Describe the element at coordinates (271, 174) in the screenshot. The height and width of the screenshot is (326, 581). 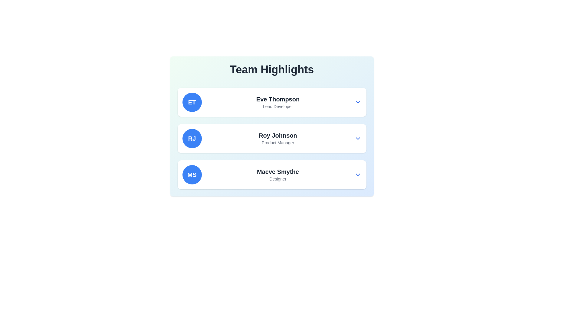
I see `the third entry in the 'Team Highlights' list, which displays an individual's initials, full name, and role` at that location.